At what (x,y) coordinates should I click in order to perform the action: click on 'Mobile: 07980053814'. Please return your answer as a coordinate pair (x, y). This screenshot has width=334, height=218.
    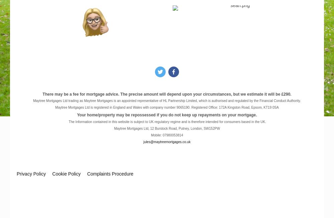
    Looking at the image, I should click on (166, 135).